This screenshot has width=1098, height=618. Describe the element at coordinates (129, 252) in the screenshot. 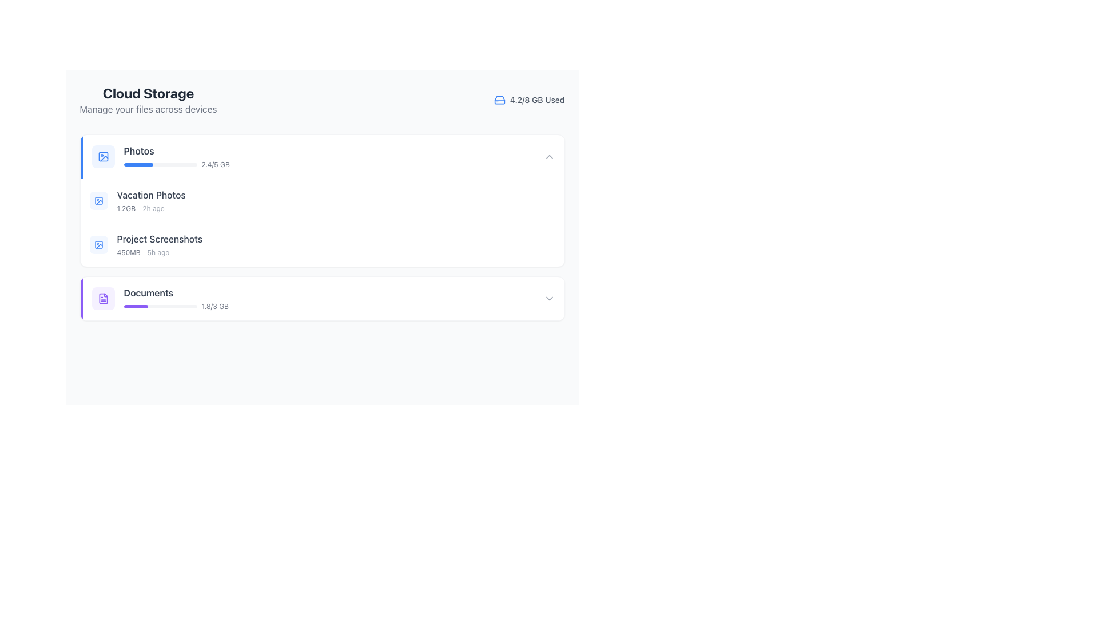

I see `the text element indicating file size located in the 'Project Screenshots' section, which displays '450MB' and is positioned to the left of '5h ago'` at that location.